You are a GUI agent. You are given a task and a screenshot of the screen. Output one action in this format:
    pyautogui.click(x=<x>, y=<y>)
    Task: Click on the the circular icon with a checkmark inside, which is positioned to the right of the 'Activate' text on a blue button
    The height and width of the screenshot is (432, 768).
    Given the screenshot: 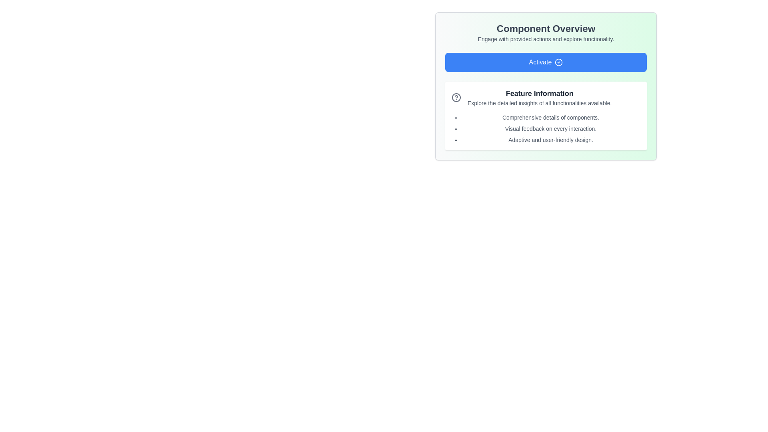 What is the action you would take?
    pyautogui.click(x=558, y=62)
    